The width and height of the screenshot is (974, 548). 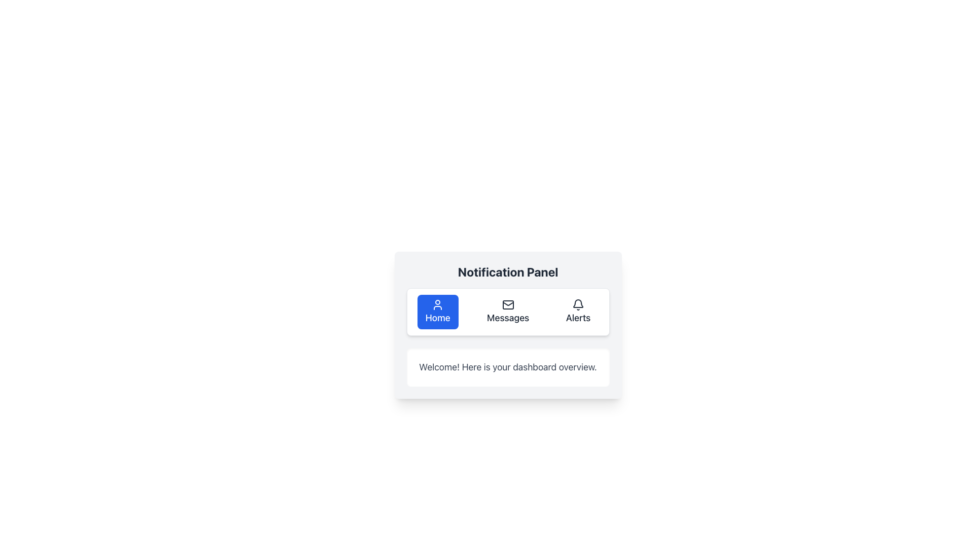 What do you see at coordinates (578, 318) in the screenshot?
I see `the 'Alerts' text label in the horizontal navigation menu, which is the third item and is positioned next to the 'Messages' item` at bounding box center [578, 318].